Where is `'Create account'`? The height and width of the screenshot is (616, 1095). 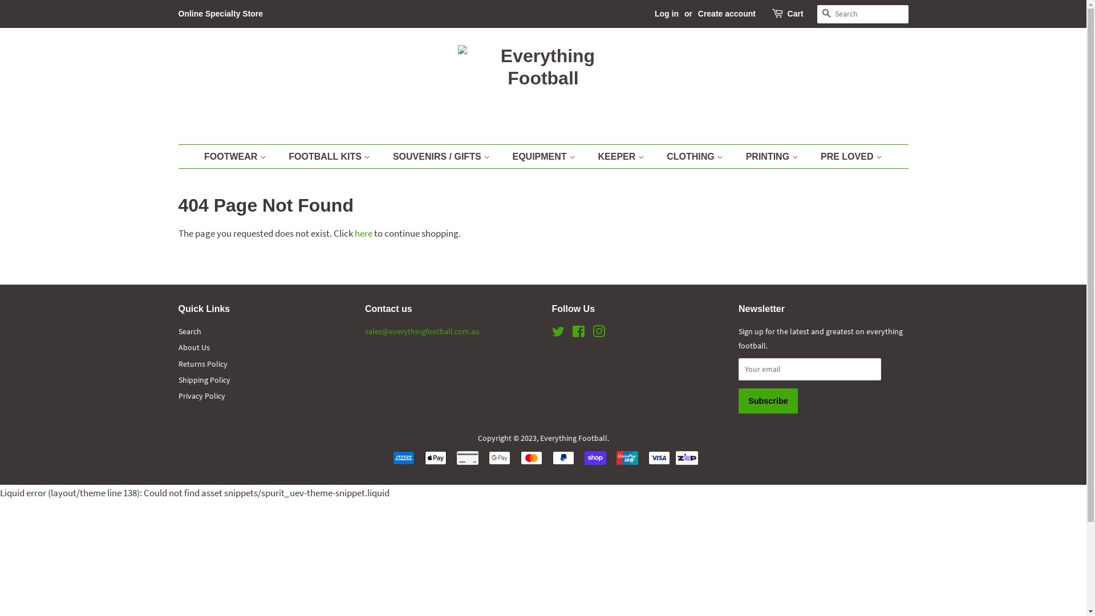
'Create account' is located at coordinates (726, 13).